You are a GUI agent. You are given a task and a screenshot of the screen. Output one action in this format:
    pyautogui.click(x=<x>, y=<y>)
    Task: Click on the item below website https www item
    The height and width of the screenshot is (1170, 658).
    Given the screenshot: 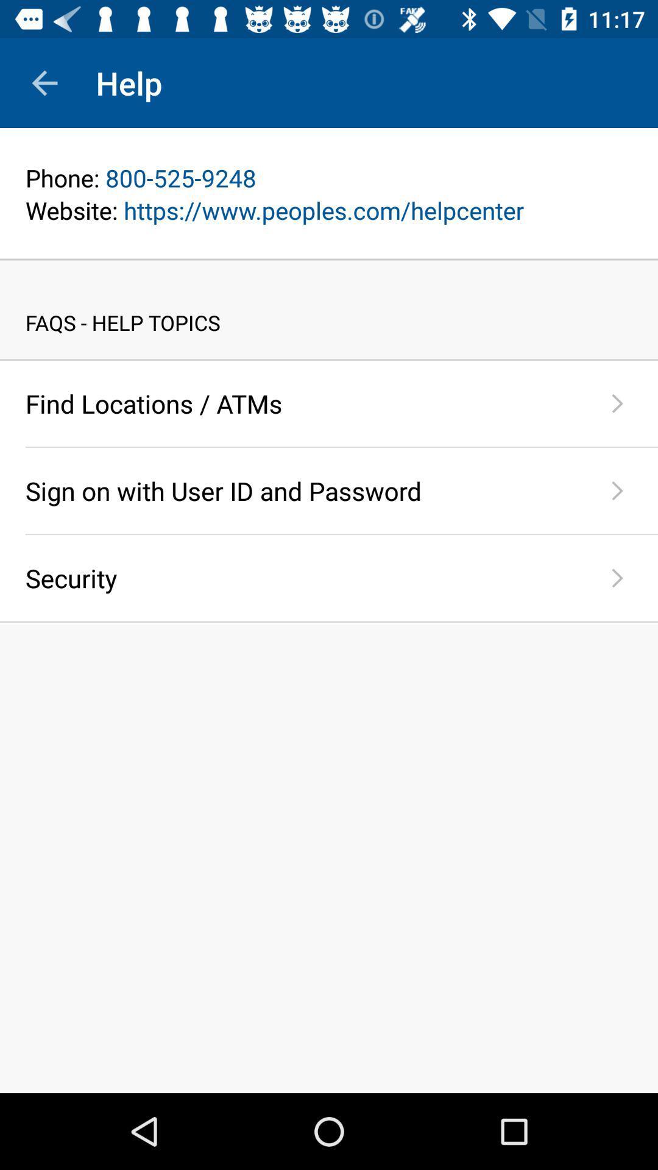 What is the action you would take?
    pyautogui.click(x=329, y=259)
    